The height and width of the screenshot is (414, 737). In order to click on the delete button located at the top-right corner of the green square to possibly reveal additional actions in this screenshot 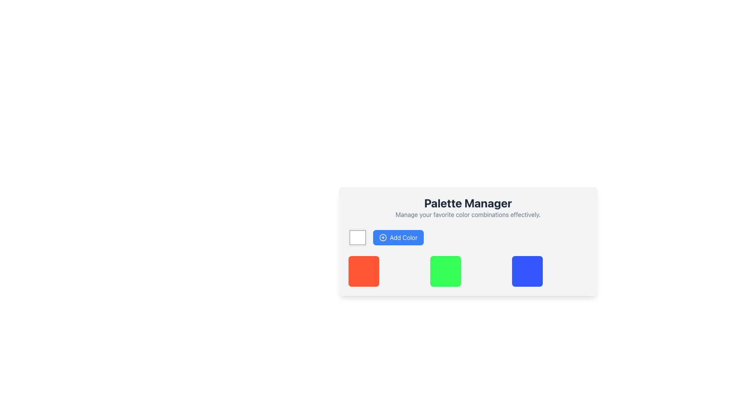, I will do `click(499, 263)`.